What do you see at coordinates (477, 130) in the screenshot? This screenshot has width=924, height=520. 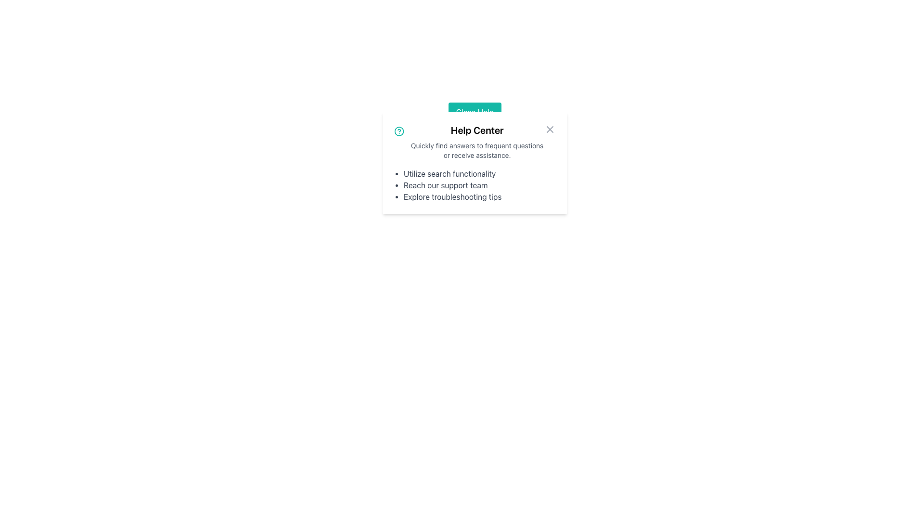 I see `the section title text in the Help Center, which is centrally aligned and located above the descriptive text about finding answers and assistance` at bounding box center [477, 130].